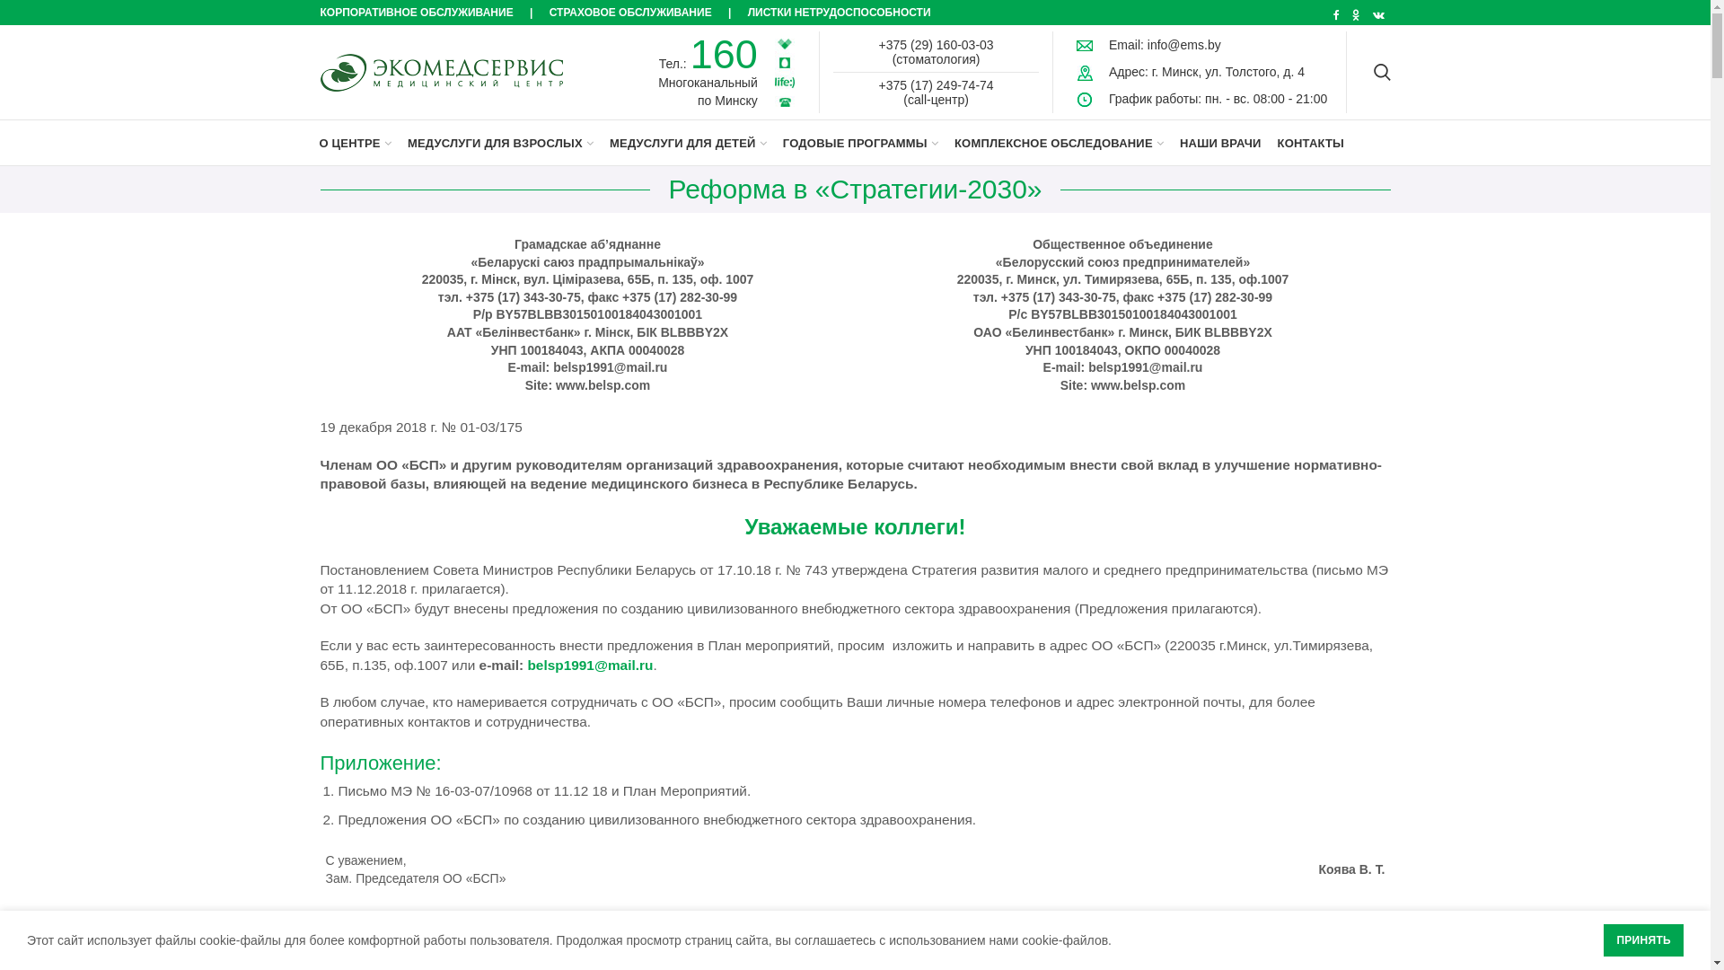 This screenshot has height=970, width=1724. What do you see at coordinates (1355, 14) in the screenshot?
I see `'Odnoklassniki'` at bounding box center [1355, 14].